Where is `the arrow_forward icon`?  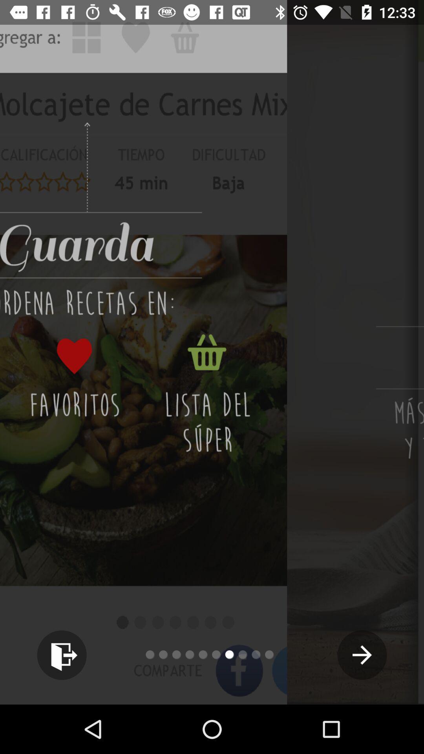
the arrow_forward icon is located at coordinates (362, 655).